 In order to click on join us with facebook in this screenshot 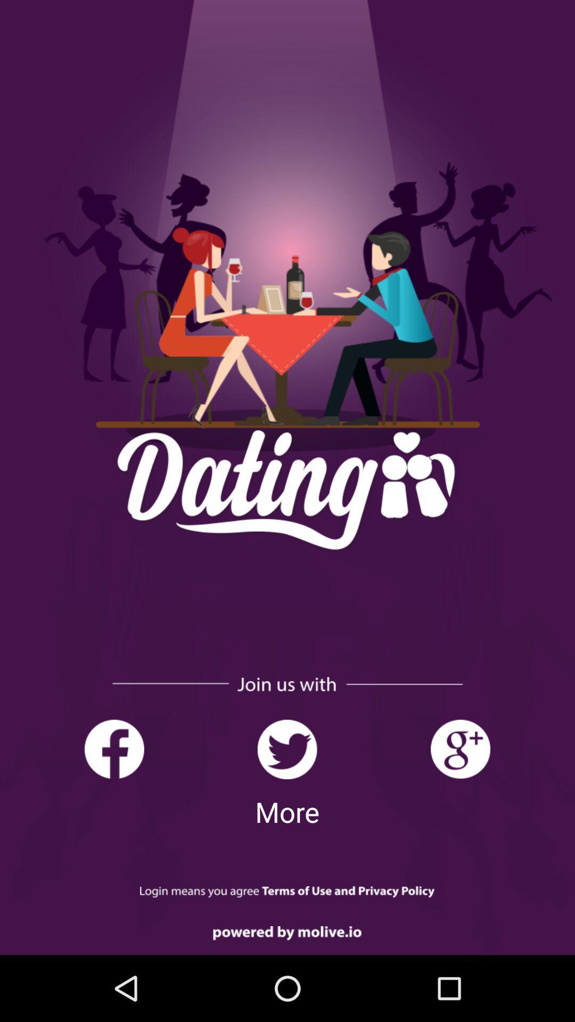, I will do `click(114, 749)`.